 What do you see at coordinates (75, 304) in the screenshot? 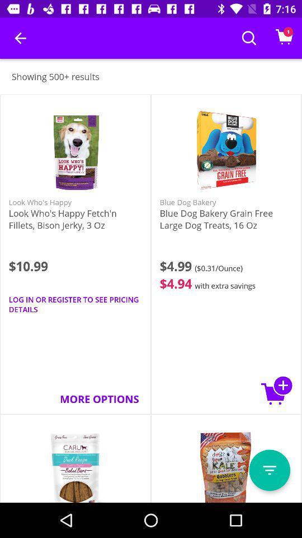
I see `icon below $10.99` at bounding box center [75, 304].